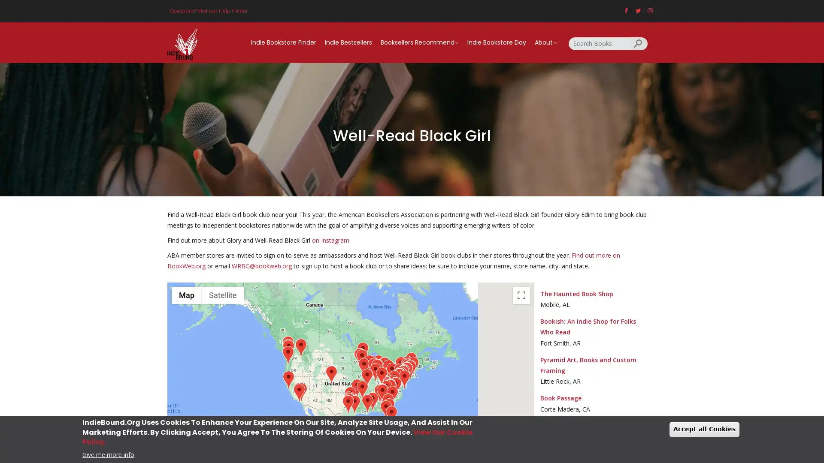 The height and width of the screenshot is (463, 824). I want to click on Uncle Bobbie's Books and Coffee, so click(403, 373).